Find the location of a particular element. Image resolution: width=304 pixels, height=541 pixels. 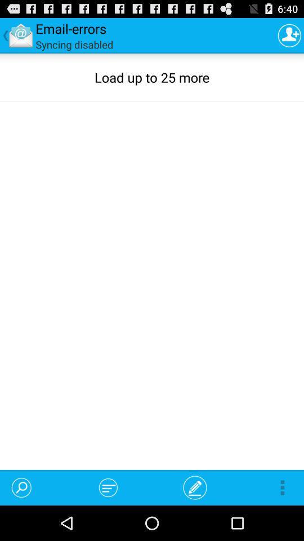

item below syncing disabled item is located at coordinates (21, 487).